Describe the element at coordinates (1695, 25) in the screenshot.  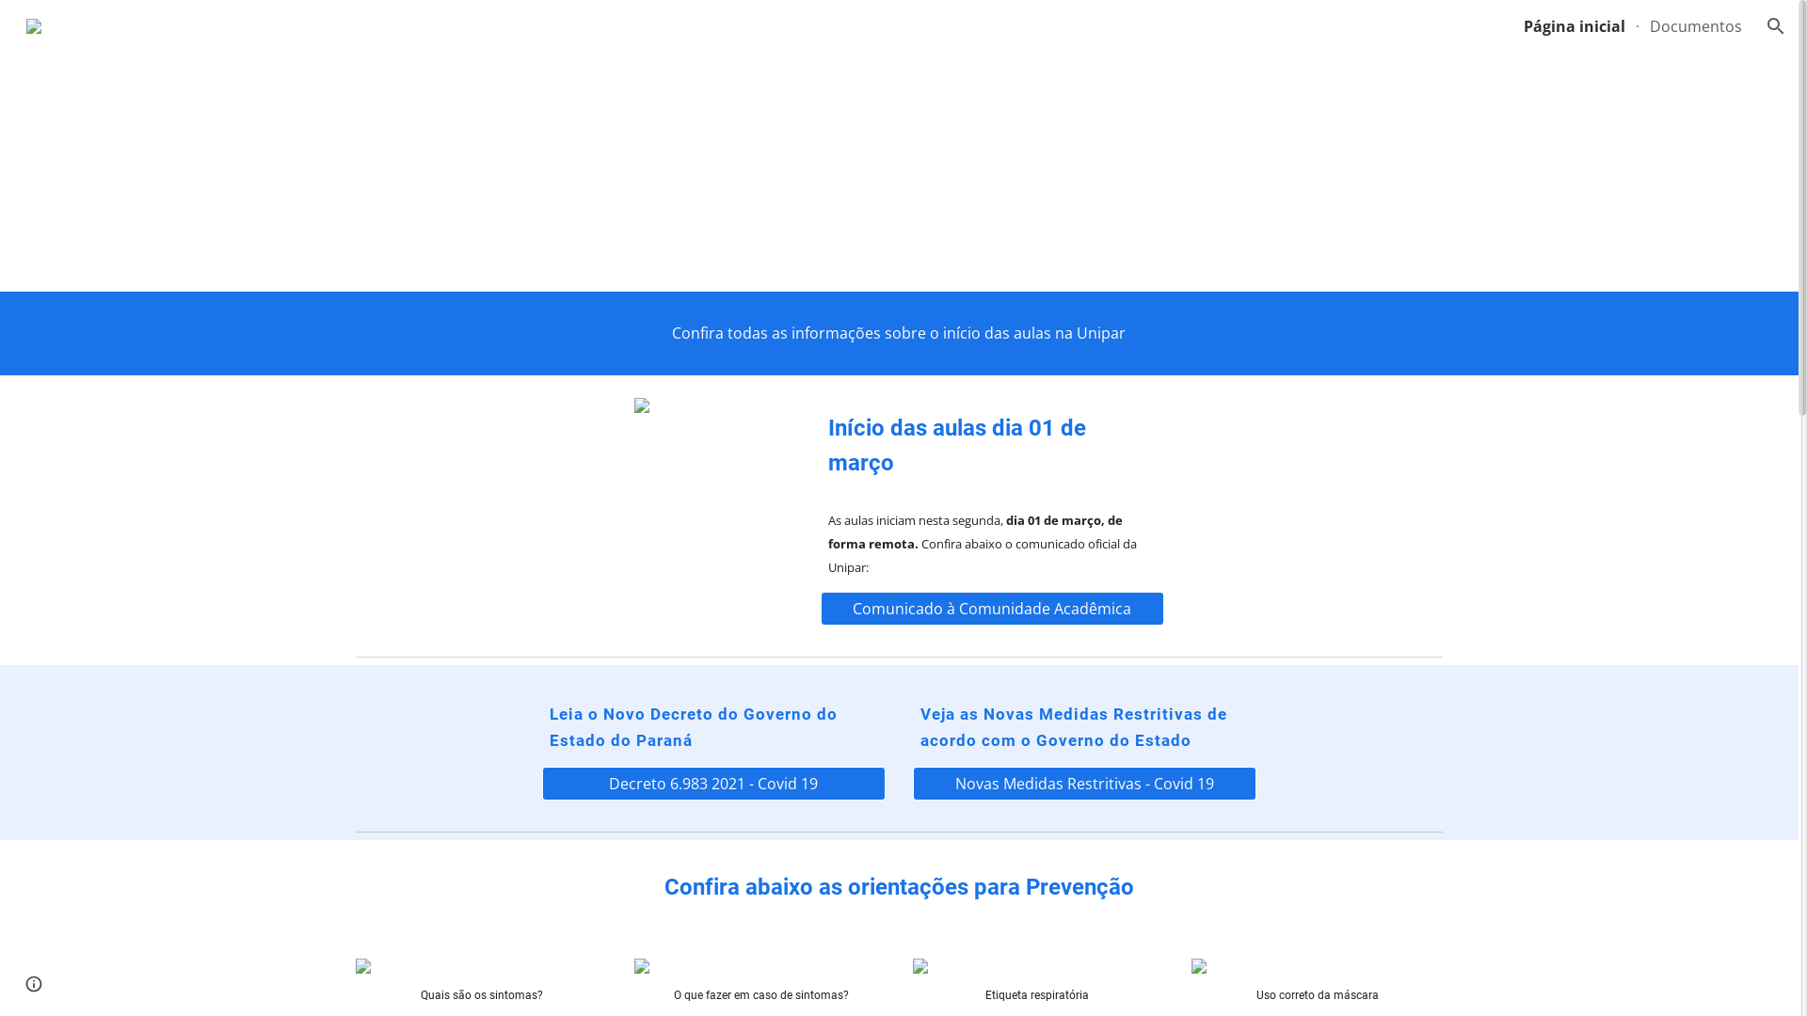
I see `'Documentos'` at that location.